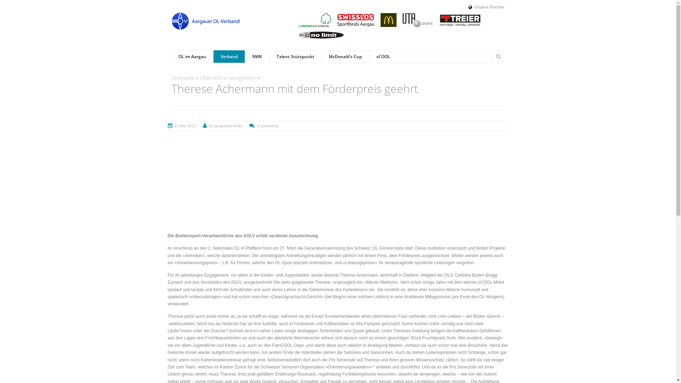  I want to click on 'Verband', so click(228, 56).